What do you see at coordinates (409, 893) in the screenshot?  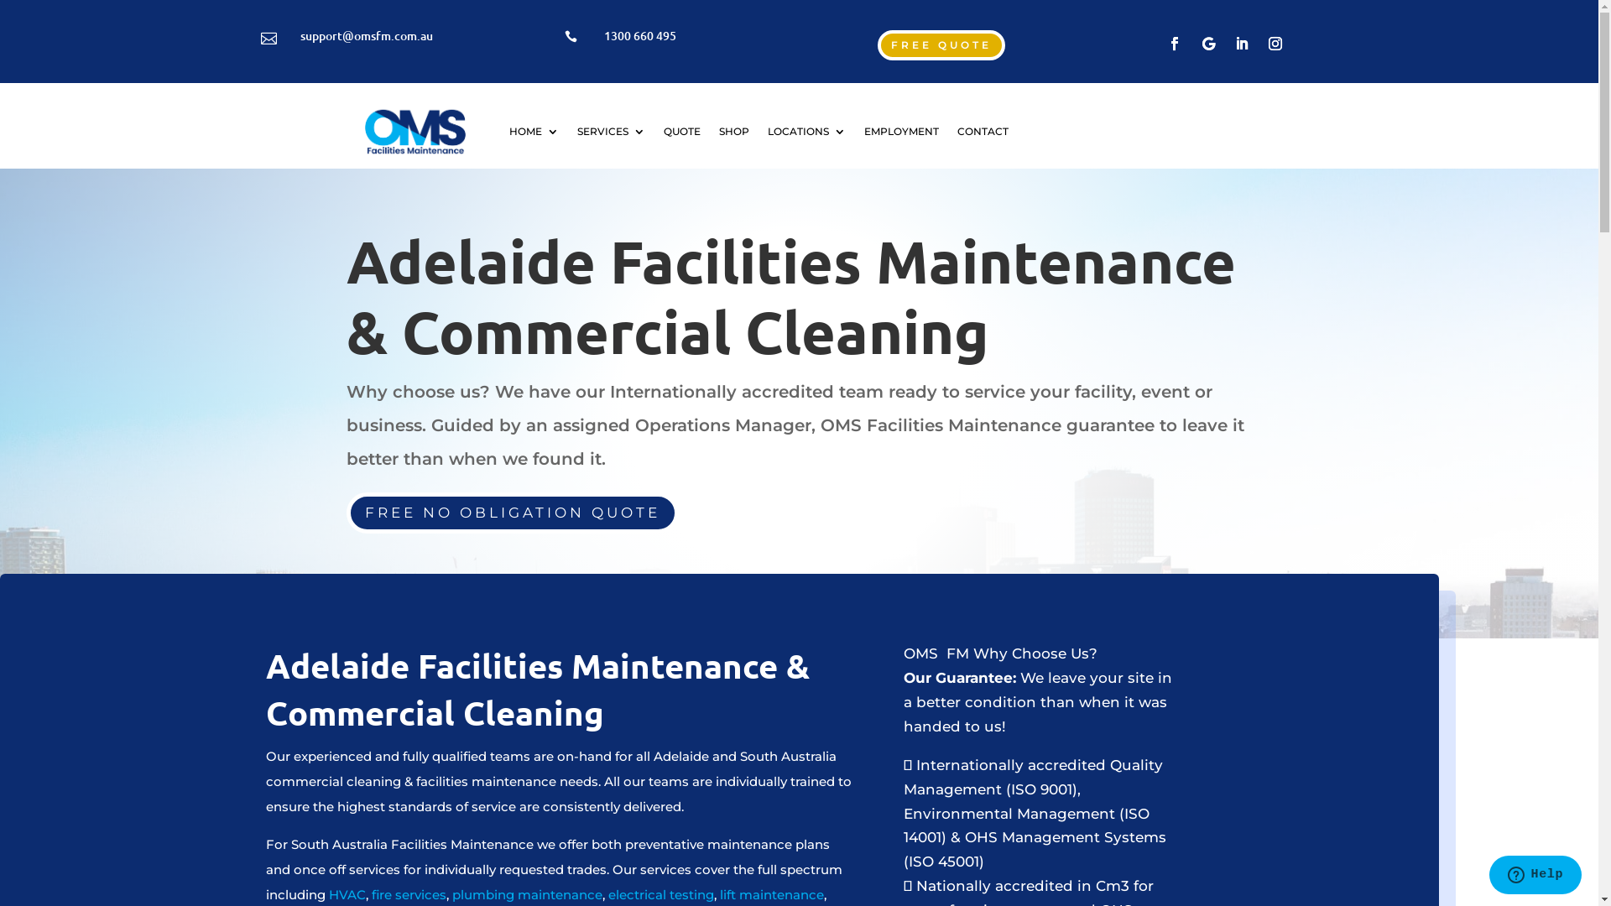 I see `'fire services'` at bounding box center [409, 893].